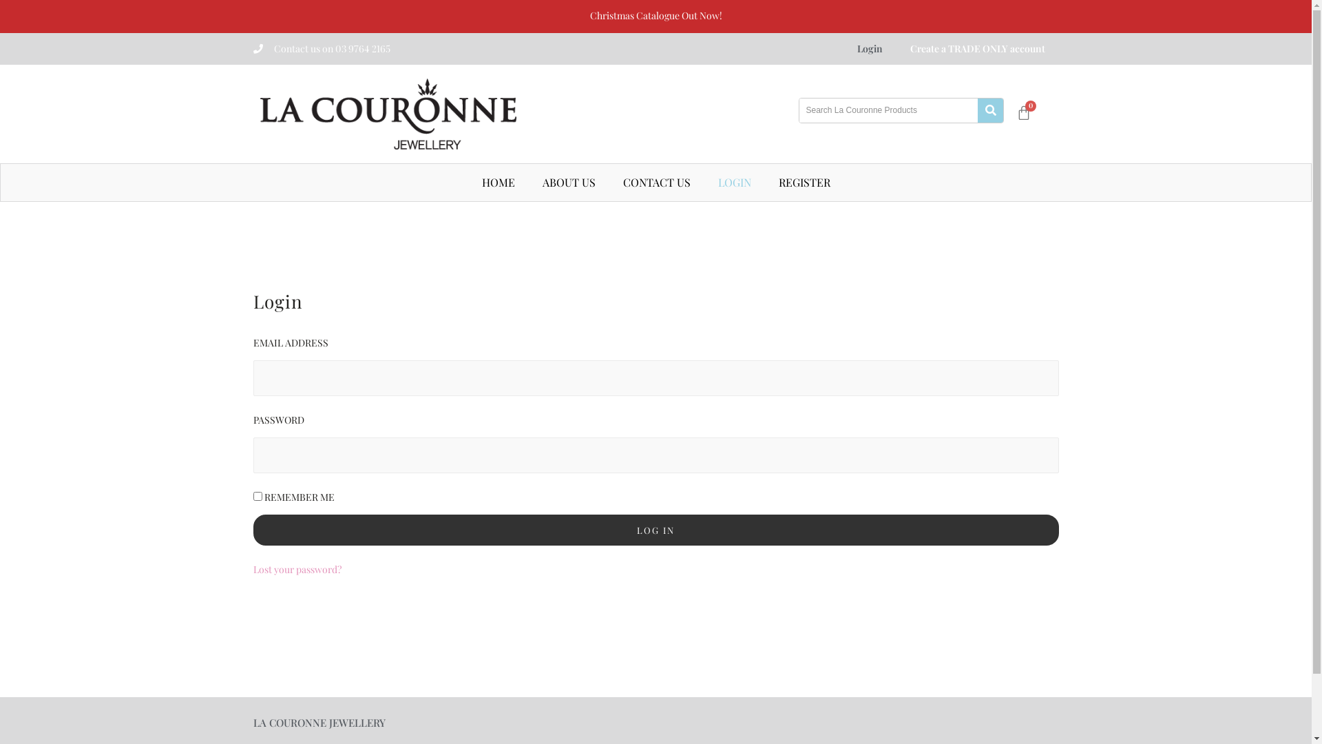 The width and height of the screenshot is (1322, 744). I want to click on 'LOGIN', so click(733, 182).